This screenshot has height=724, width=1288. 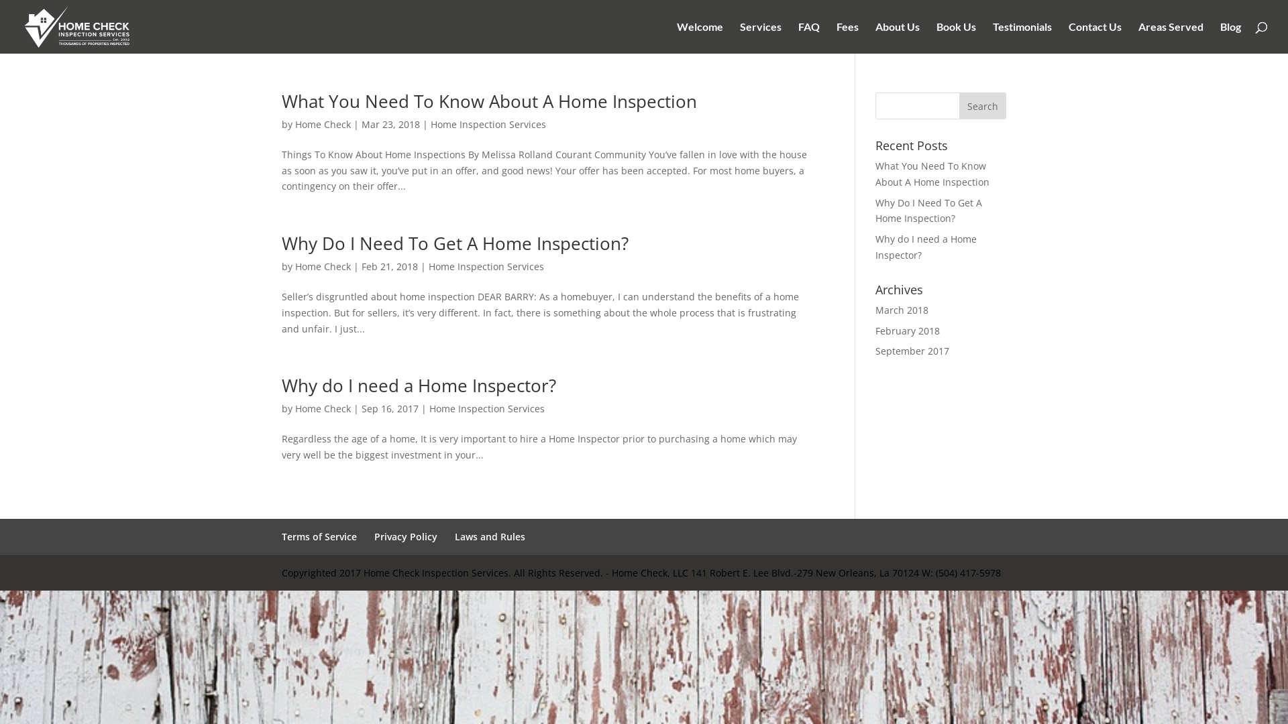 I want to click on 'September 2017', so click(x=912, y=350).